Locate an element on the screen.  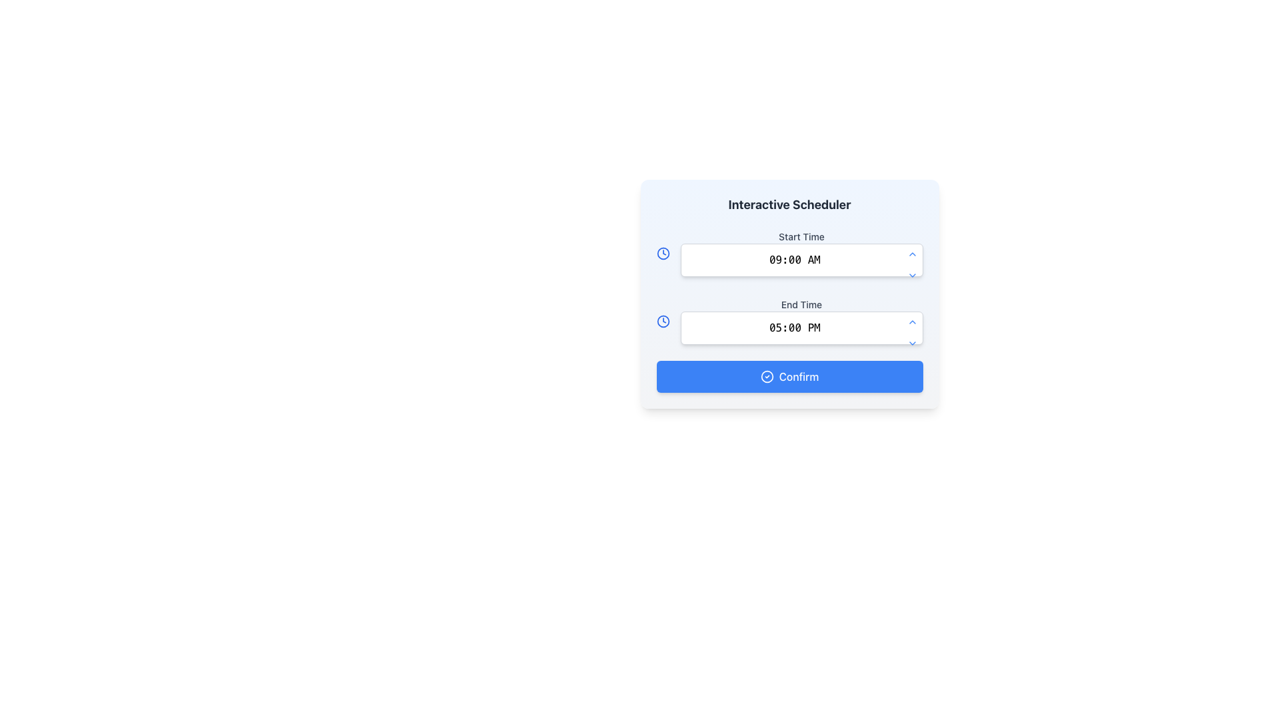
the upward arrow of the stepper control component located immediately to the right of the 'Start Time' input field to increment the time is located at coordinates (911, 264).